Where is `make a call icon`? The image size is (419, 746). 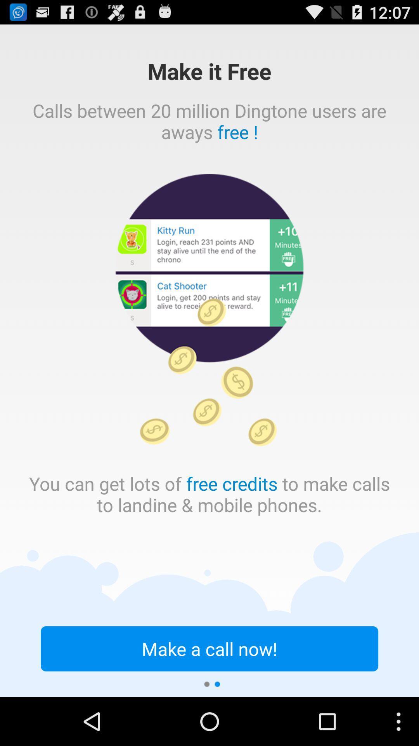 make a call icon is located at coordinates (209, 648).